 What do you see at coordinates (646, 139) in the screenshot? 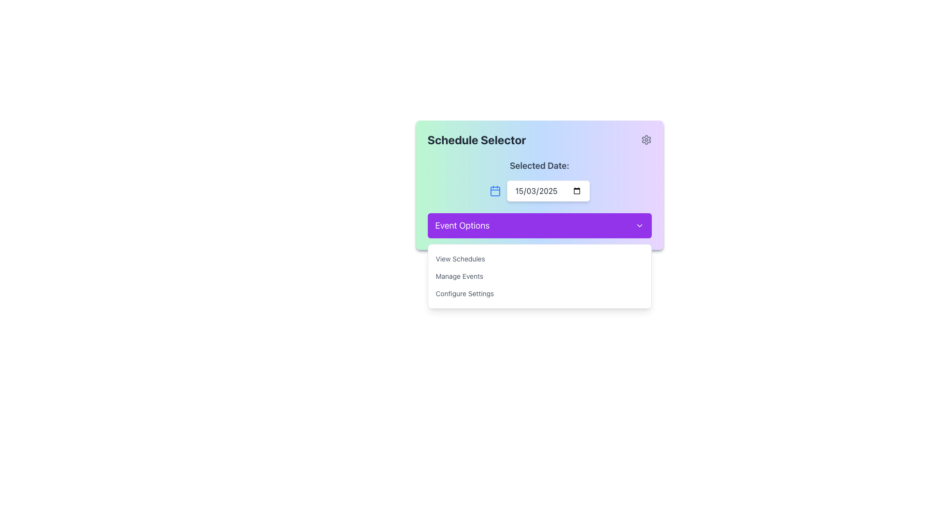
I see `the settings icon button, represented as a gear, located at the top-right corner adjacent to the heading text 'Schedule Selector'` at bounding box center [646, 139].